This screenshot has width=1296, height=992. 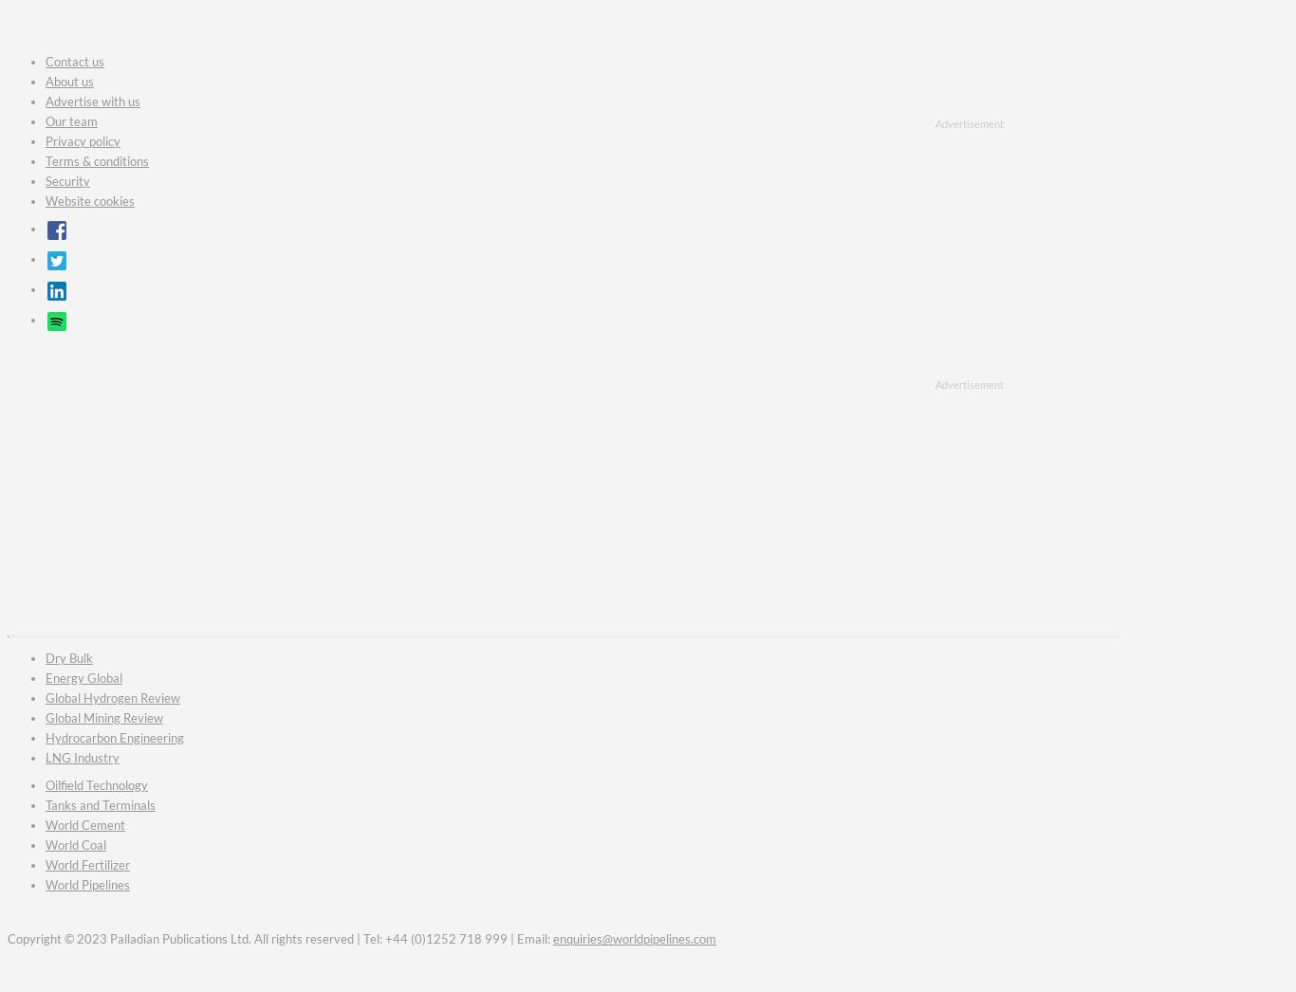 I want to click on 'World Coal', so click(x=76, y=844).